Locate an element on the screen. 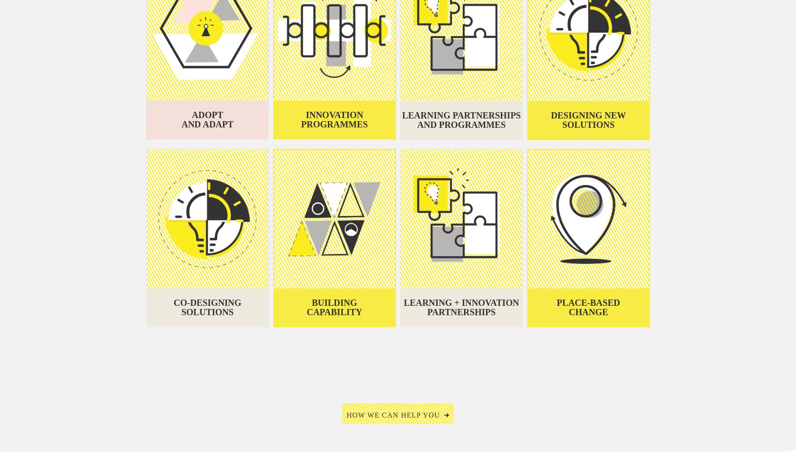  'Learning partnerships' is located at coordinates (461, 114).